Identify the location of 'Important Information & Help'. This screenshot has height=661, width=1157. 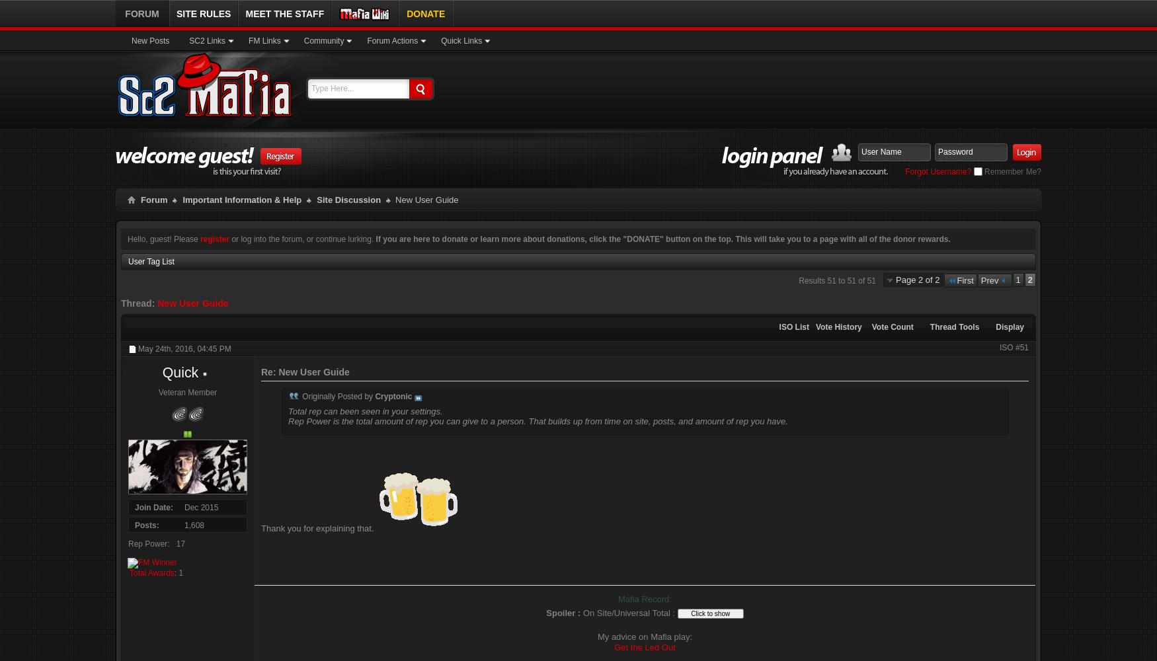
(241, 200).